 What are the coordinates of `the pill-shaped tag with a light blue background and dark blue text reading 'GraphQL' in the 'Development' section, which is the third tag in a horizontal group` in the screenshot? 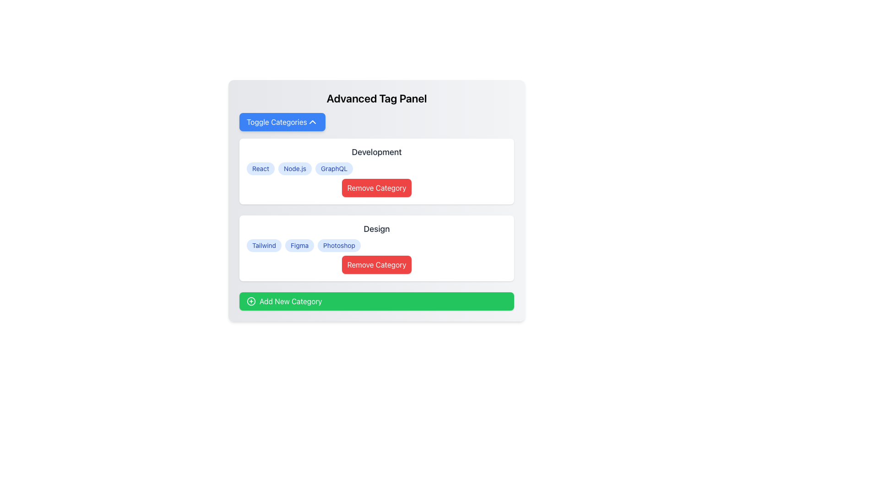 It's located at (334, 169).